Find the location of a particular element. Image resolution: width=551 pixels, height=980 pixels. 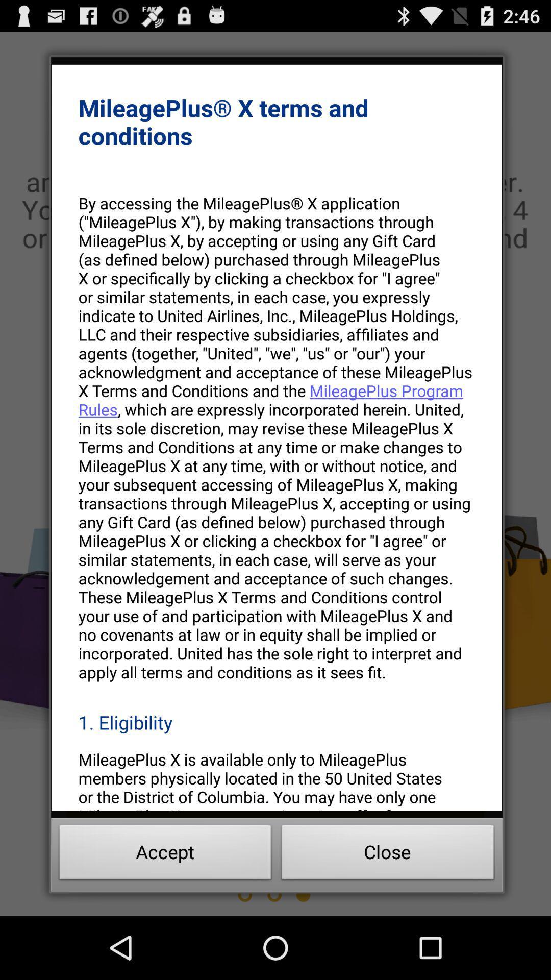

the icon next to the close icon is located at coordinates (165, 855).